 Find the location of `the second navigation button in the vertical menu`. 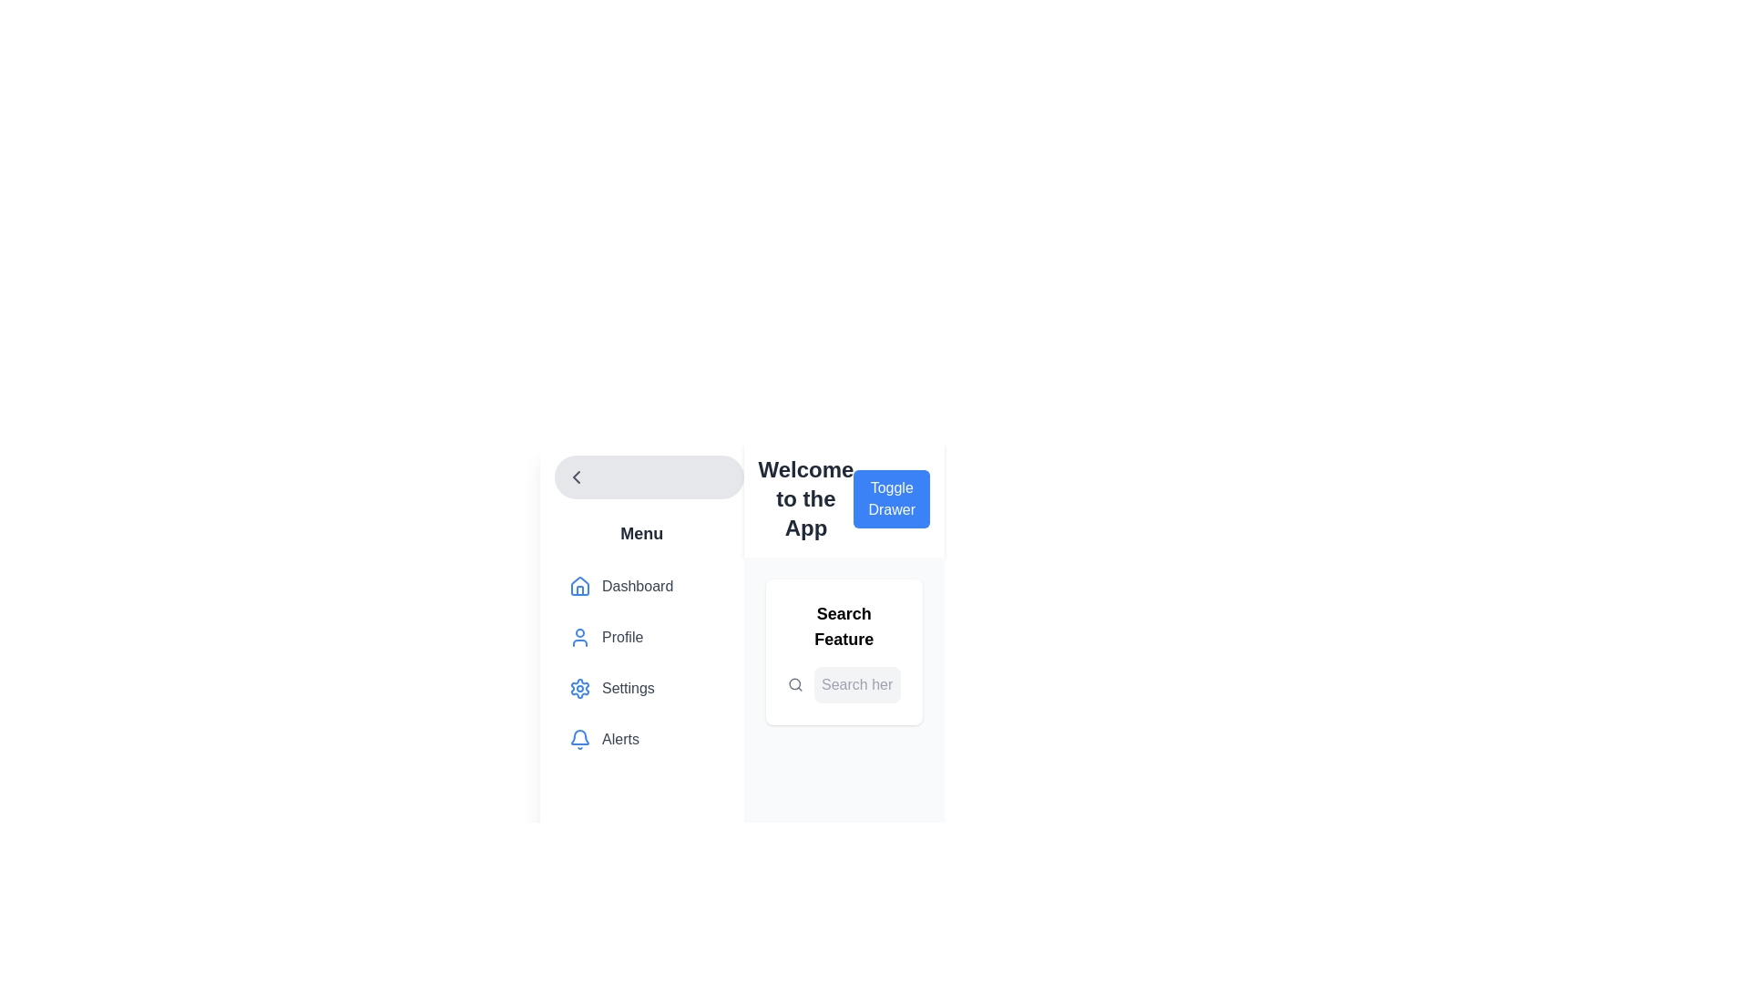

the second navigation button in the vertical menu is located at coordinates (641, 636).